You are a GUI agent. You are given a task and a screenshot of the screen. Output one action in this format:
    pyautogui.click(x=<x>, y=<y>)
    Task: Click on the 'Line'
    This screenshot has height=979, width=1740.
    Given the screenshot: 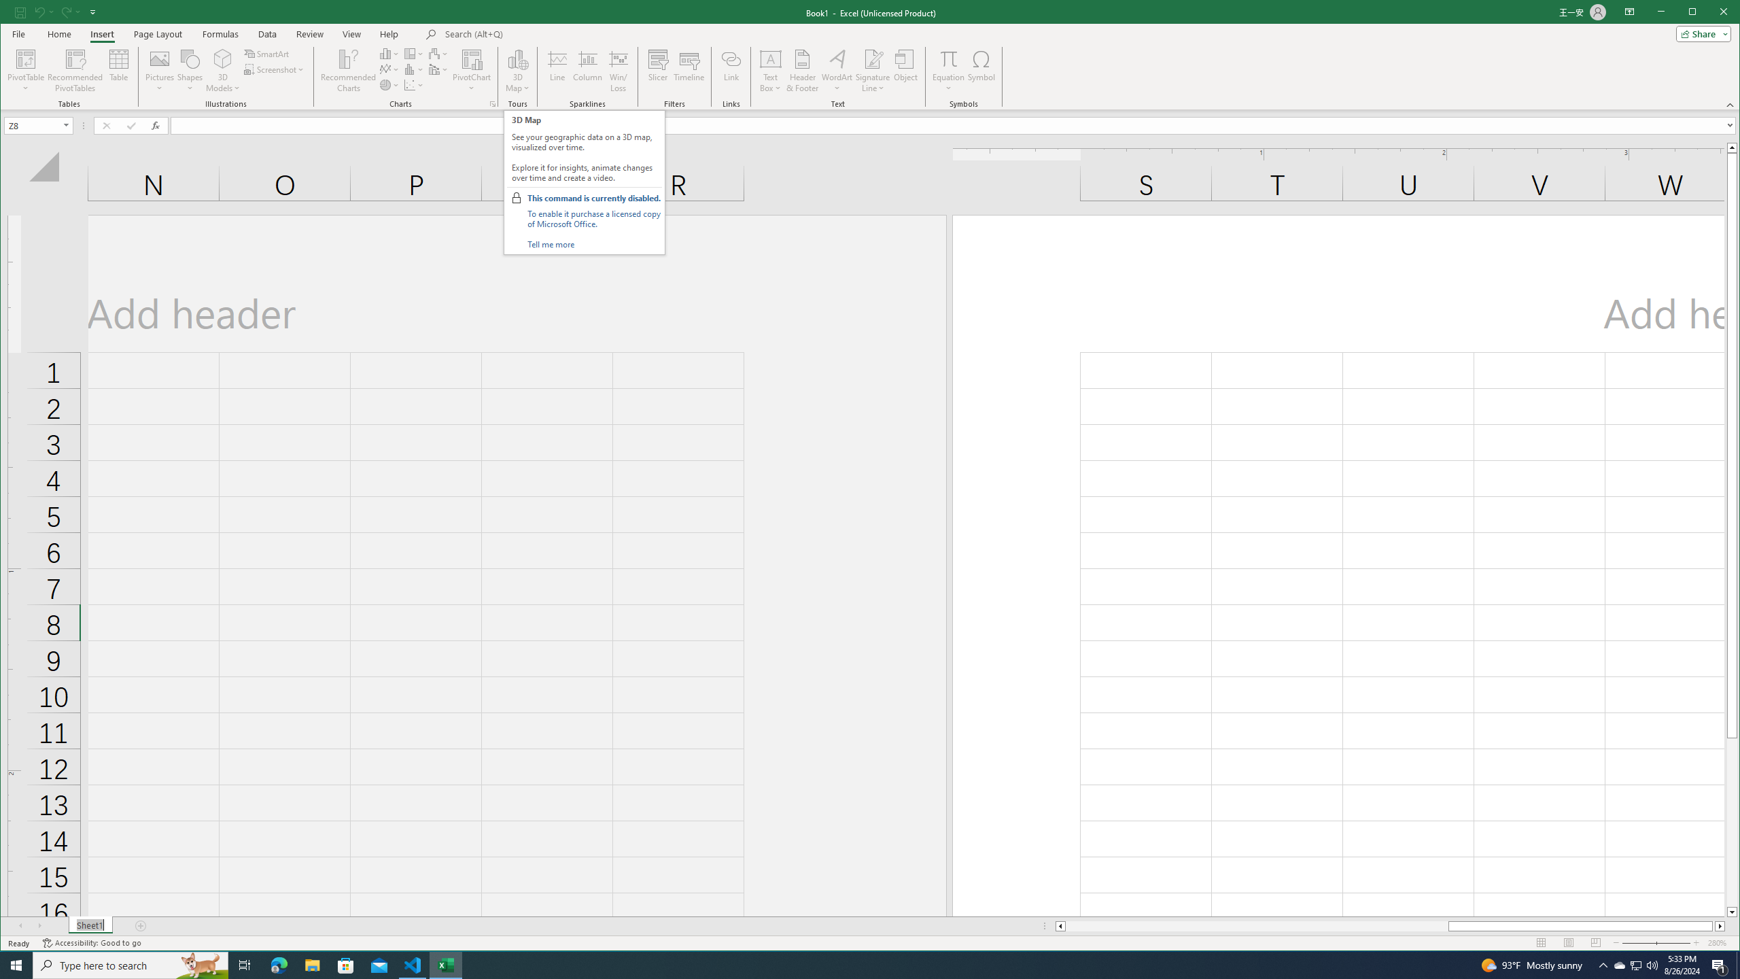 What is the action you would take?
    pyautogui.click(x=557, y=70)
    